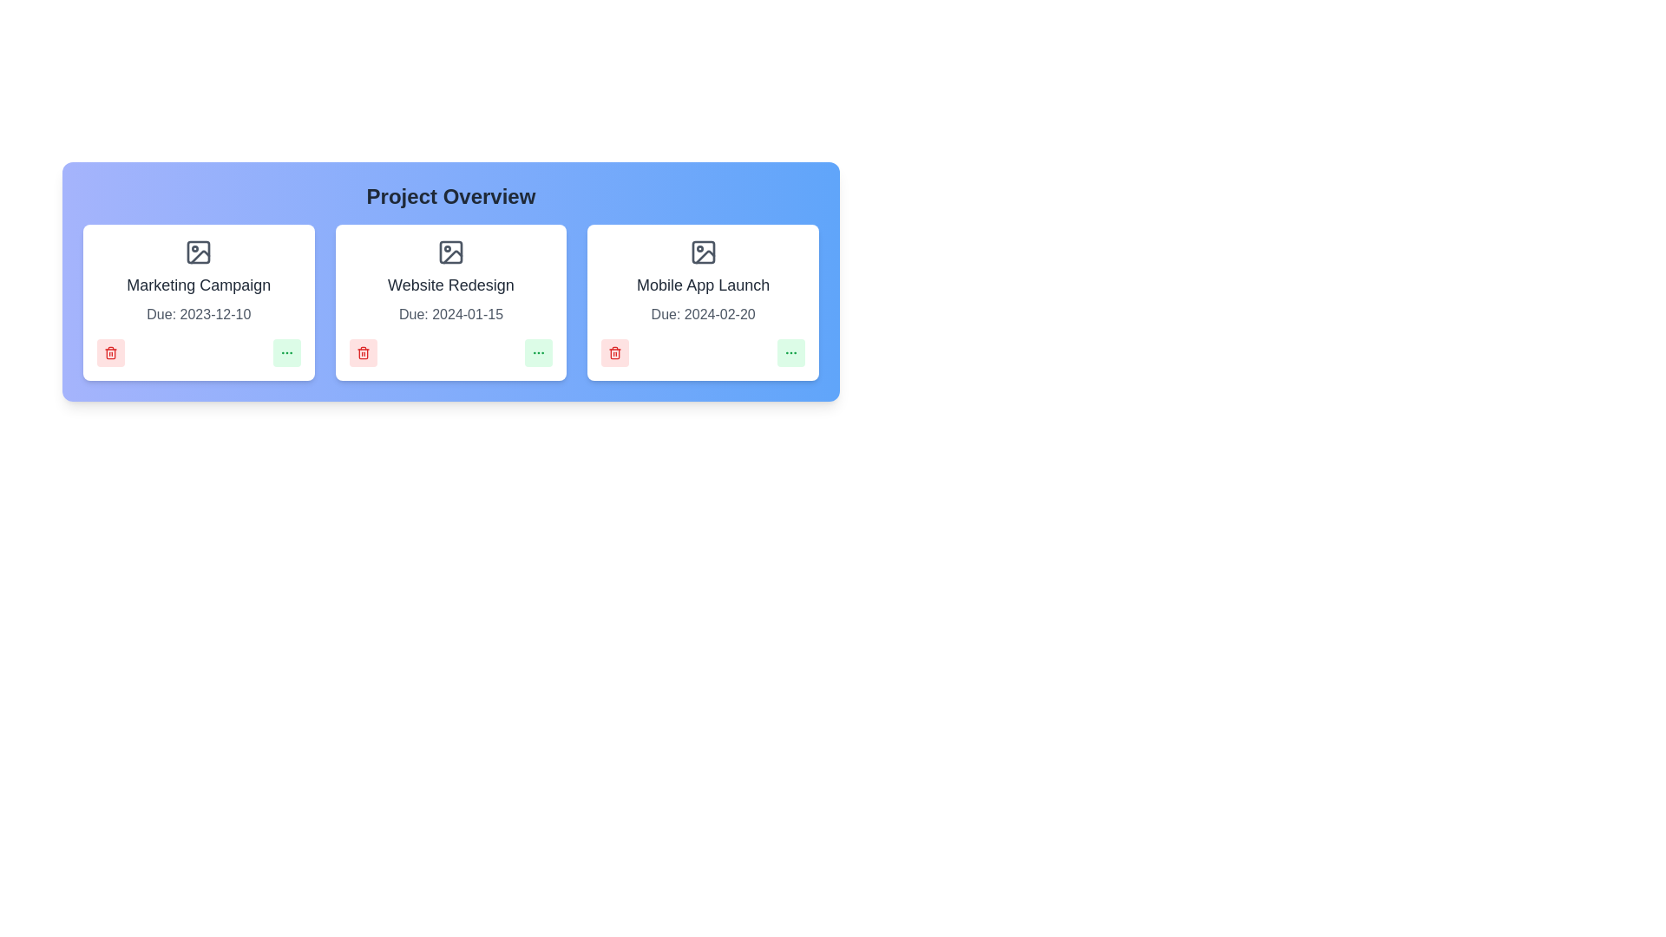 This screenshot has height=937, width=1666. What do you see at coordinates (703, 284) in the screenshot?
I see `the project name Mobile App Launch by clicking on it` at bounding box center [703, 284].